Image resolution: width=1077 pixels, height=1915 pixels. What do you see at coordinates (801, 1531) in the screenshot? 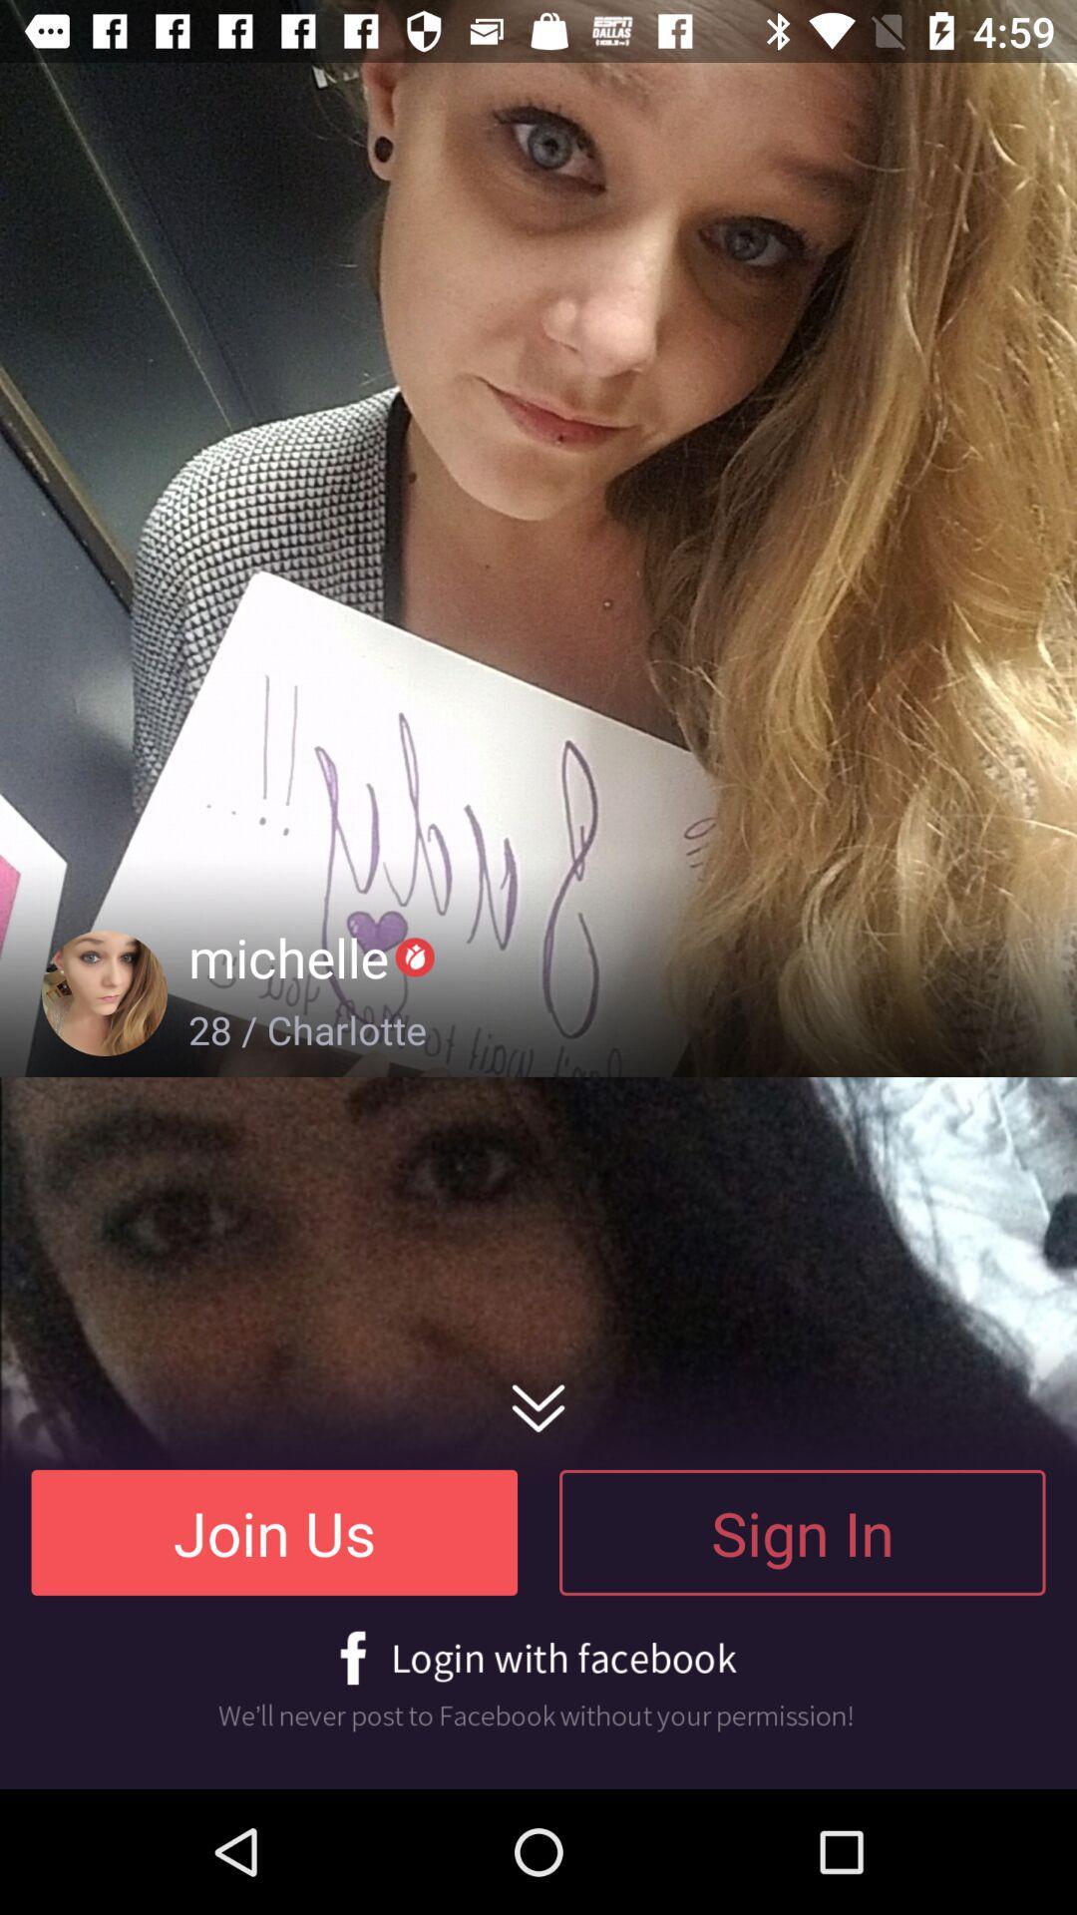
I see `sign in icon` at bounding box center [801, 1531].